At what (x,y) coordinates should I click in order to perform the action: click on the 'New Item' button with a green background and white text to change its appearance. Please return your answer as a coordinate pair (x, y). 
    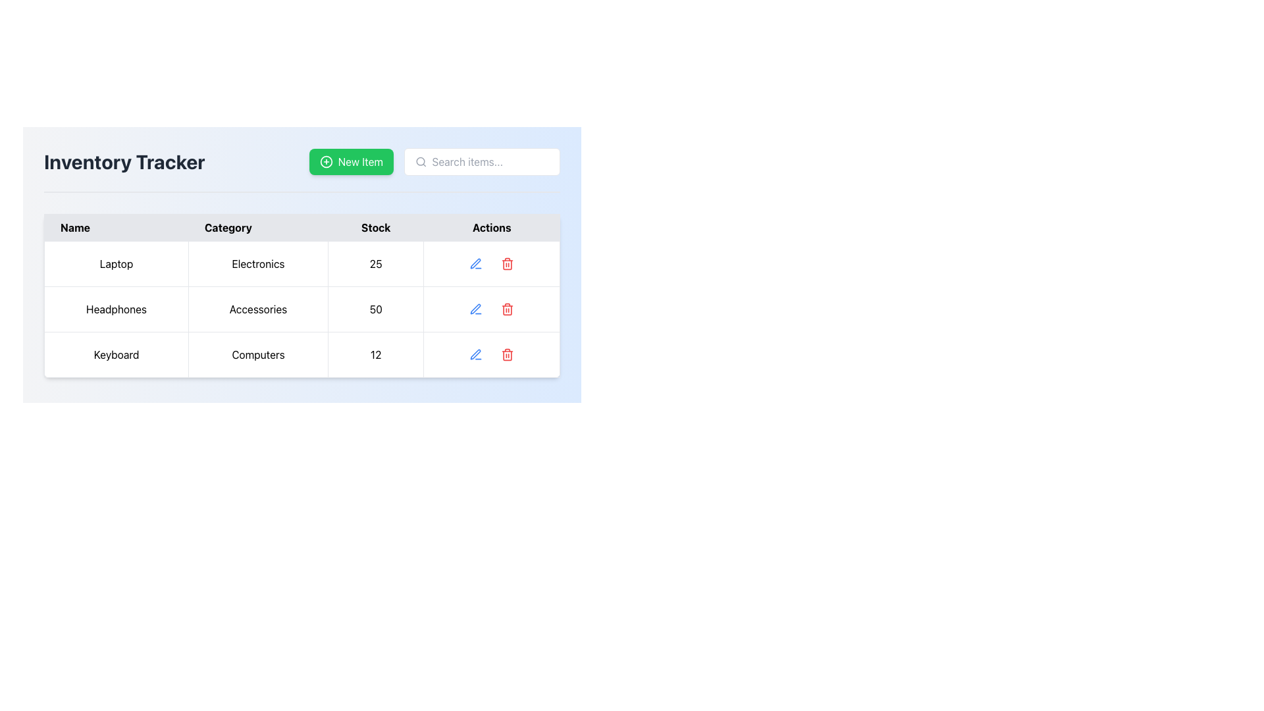
    Looking at the image, I should click on (351, 161).